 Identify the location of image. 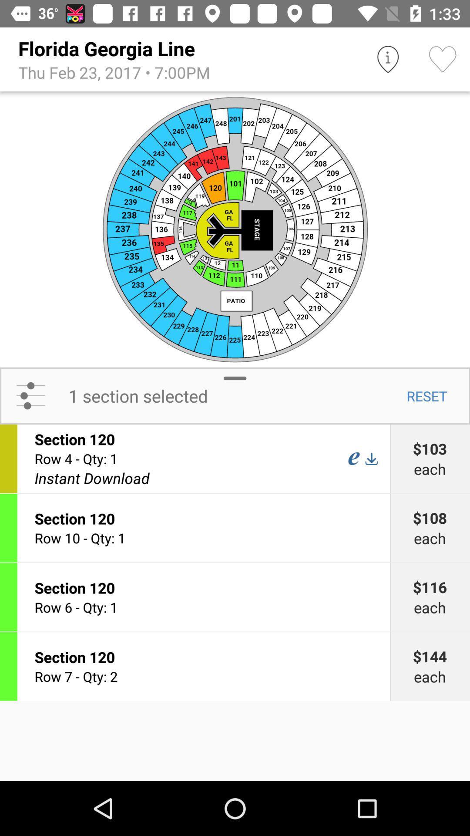
(235, 229).